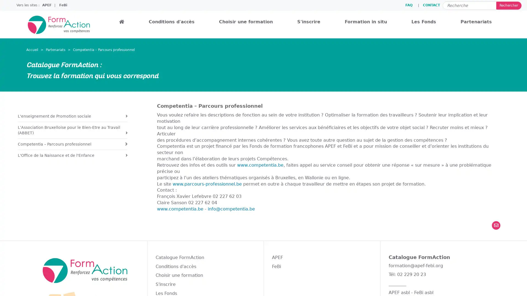 This screenshot has width=527, height=296. What do you see at coordinates (508, 5) in the screenshot?
I see `Rechercher` at bounding box center [508, 5].